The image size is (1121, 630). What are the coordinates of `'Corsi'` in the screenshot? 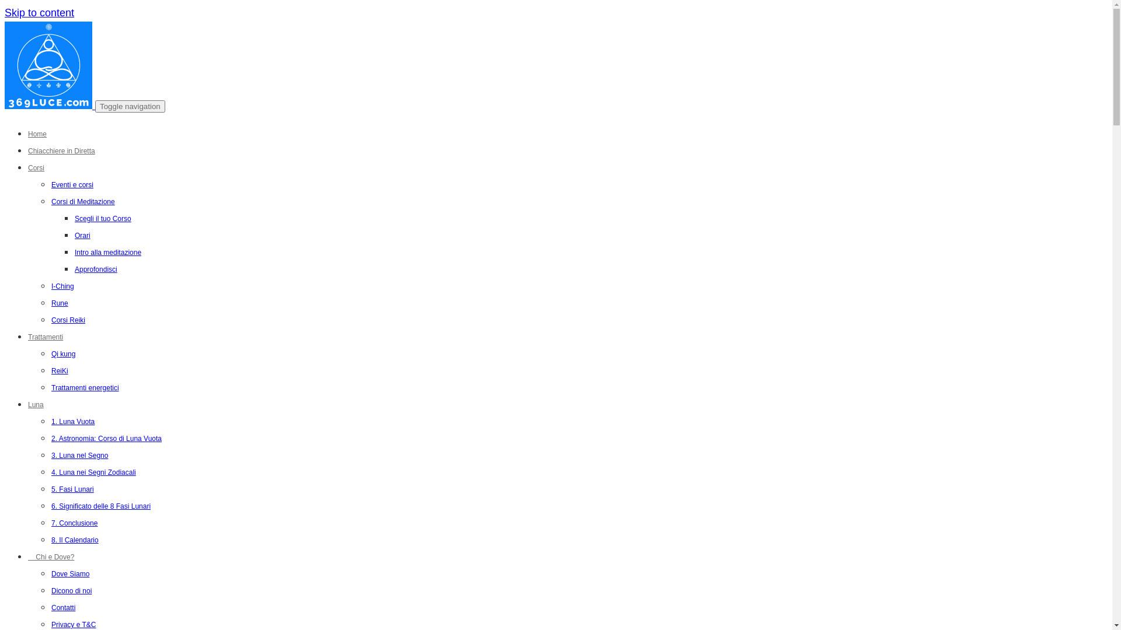 It's located at (36, 168).